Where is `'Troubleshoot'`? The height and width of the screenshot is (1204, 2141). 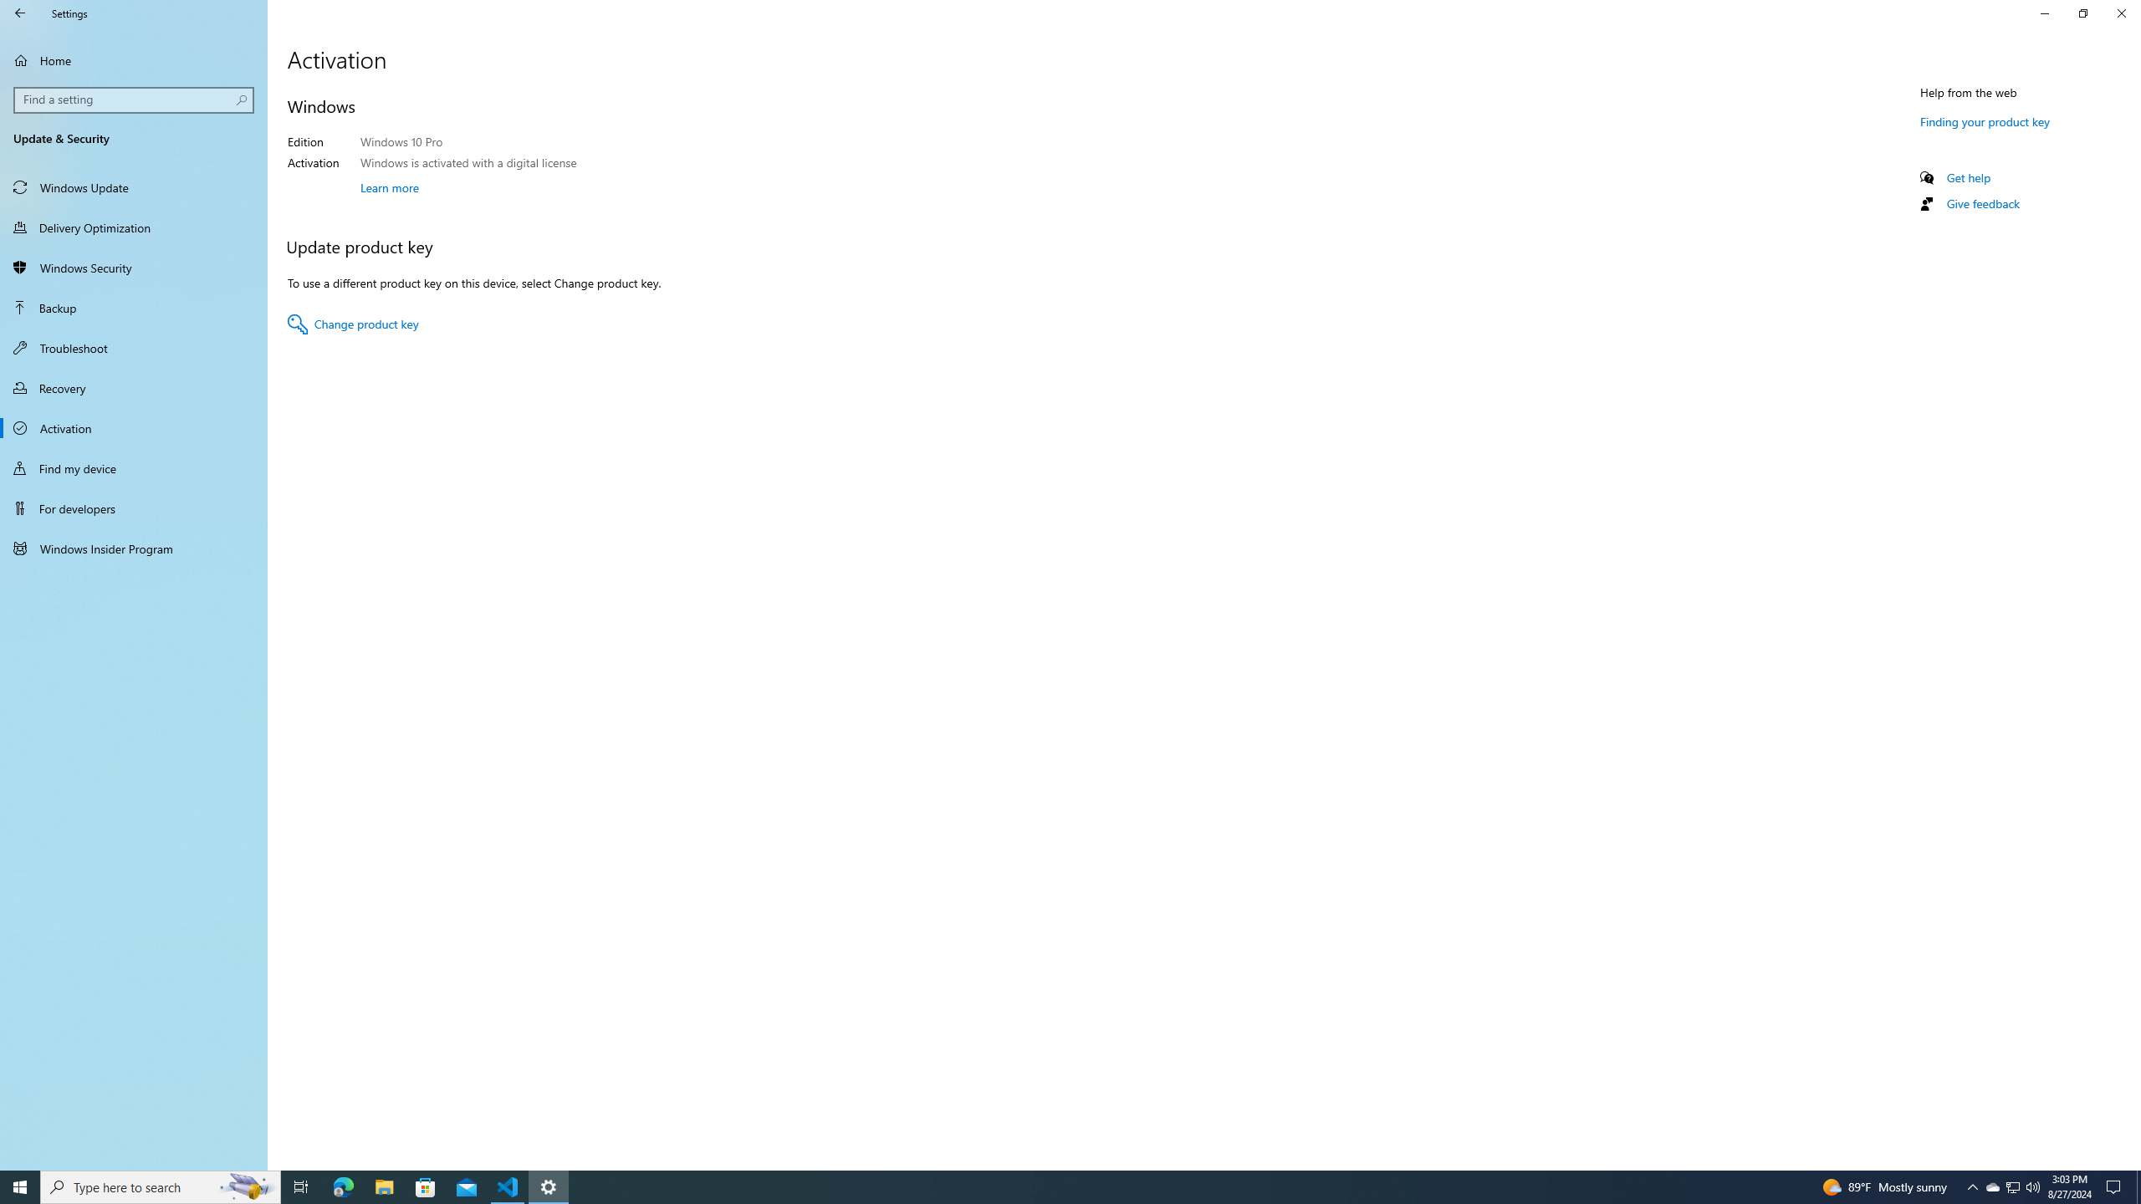 'Troubleshoot' is located at coordinates (133, 347).